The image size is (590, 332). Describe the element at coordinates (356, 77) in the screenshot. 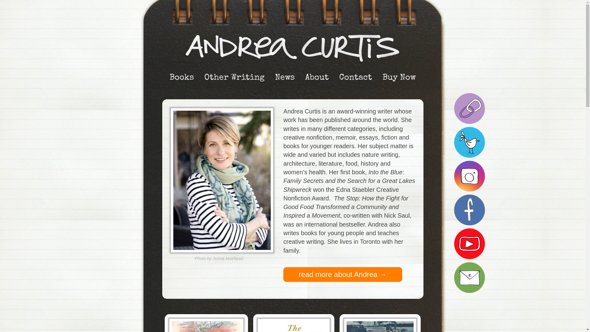

I see `'Contact'` at that location.